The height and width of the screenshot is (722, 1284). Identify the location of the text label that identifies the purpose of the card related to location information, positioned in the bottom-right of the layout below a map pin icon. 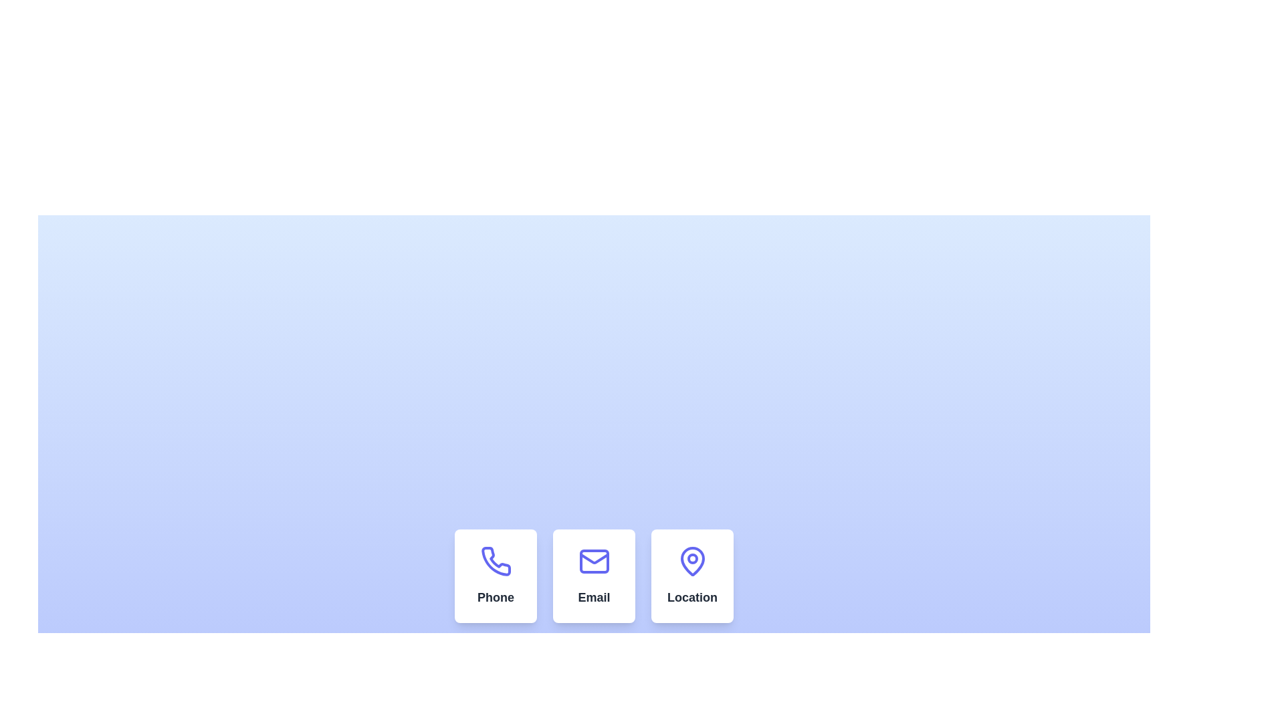
(692, 597).